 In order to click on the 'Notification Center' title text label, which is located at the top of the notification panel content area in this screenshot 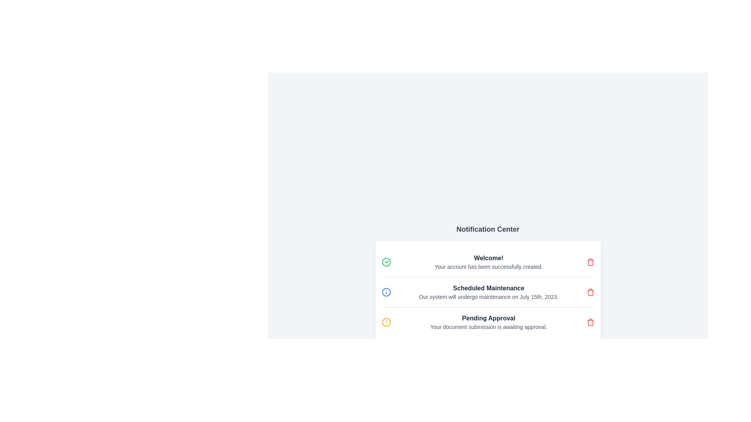, I will do `click(487, 229)`.